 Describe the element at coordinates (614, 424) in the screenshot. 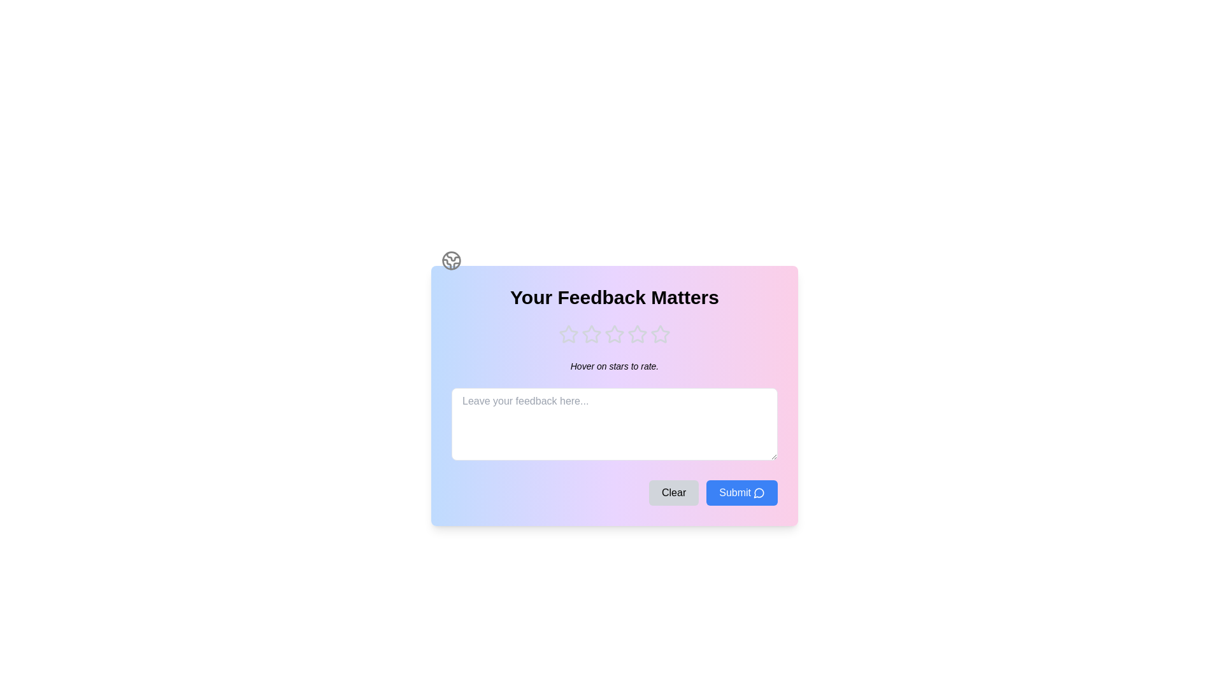

I see `the text area to focus and type the feedback` at that location.